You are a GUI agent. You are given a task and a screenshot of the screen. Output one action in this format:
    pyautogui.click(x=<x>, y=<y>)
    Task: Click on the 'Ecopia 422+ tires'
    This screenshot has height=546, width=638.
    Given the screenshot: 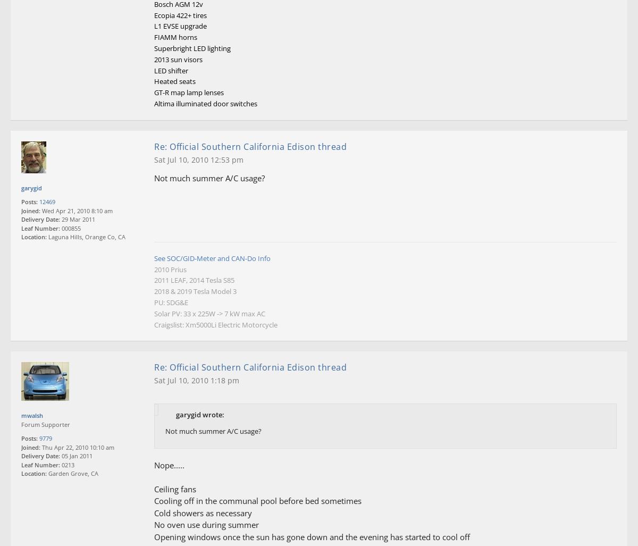 What is the action you would take?
    pyautogui.click(x=180, y=15)
    